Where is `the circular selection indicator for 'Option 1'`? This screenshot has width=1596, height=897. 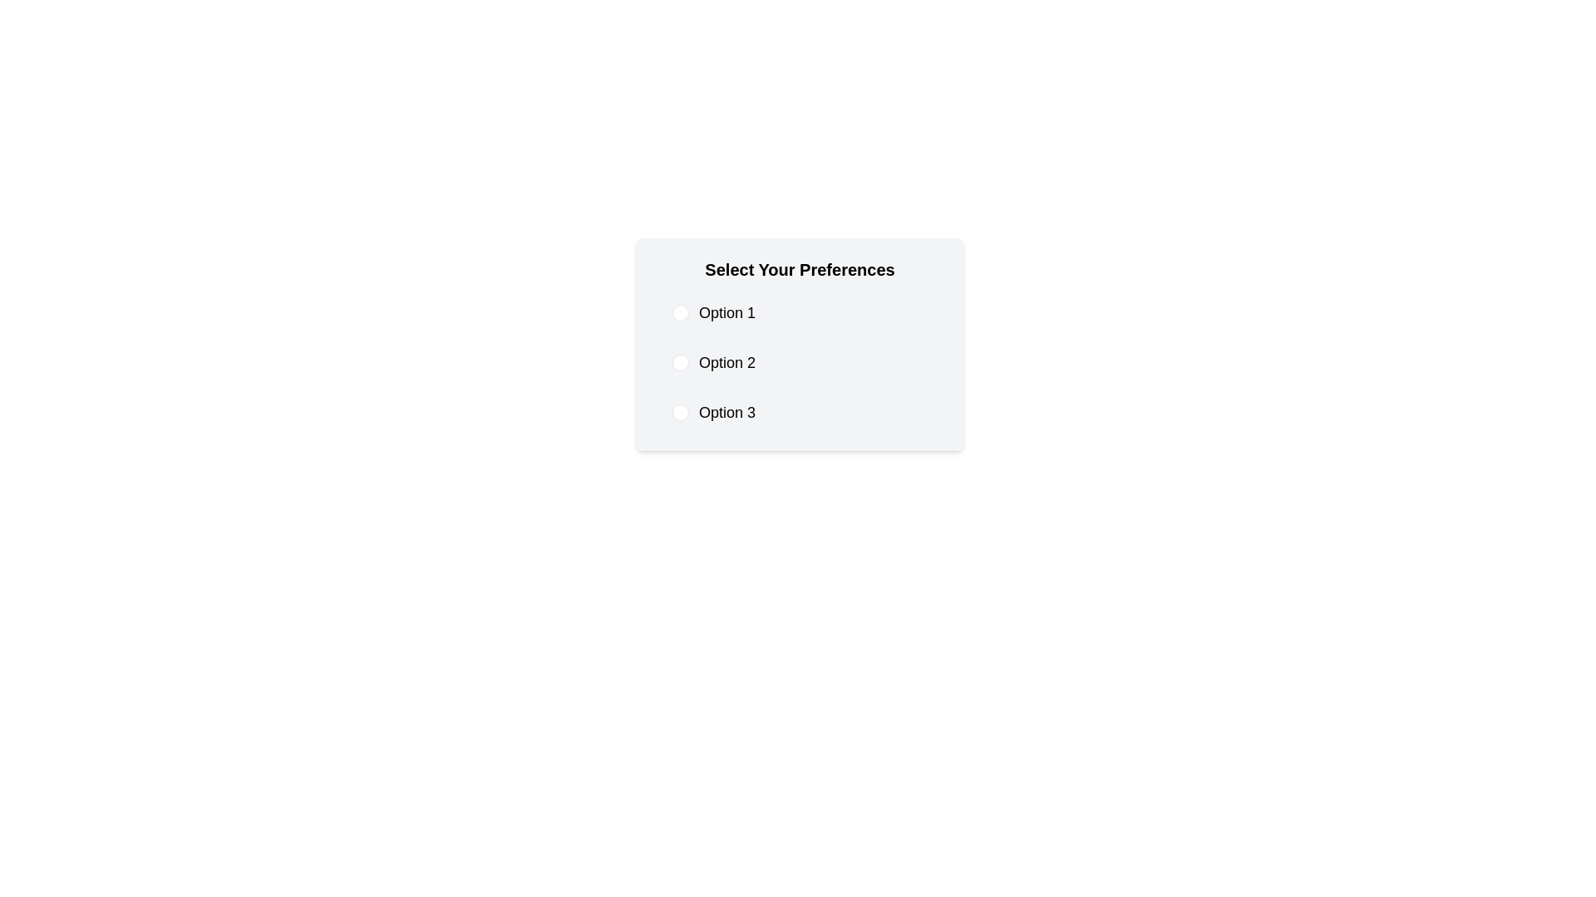
the circular selection indicator for 'Option 1' is located at coordinates (681, 313).